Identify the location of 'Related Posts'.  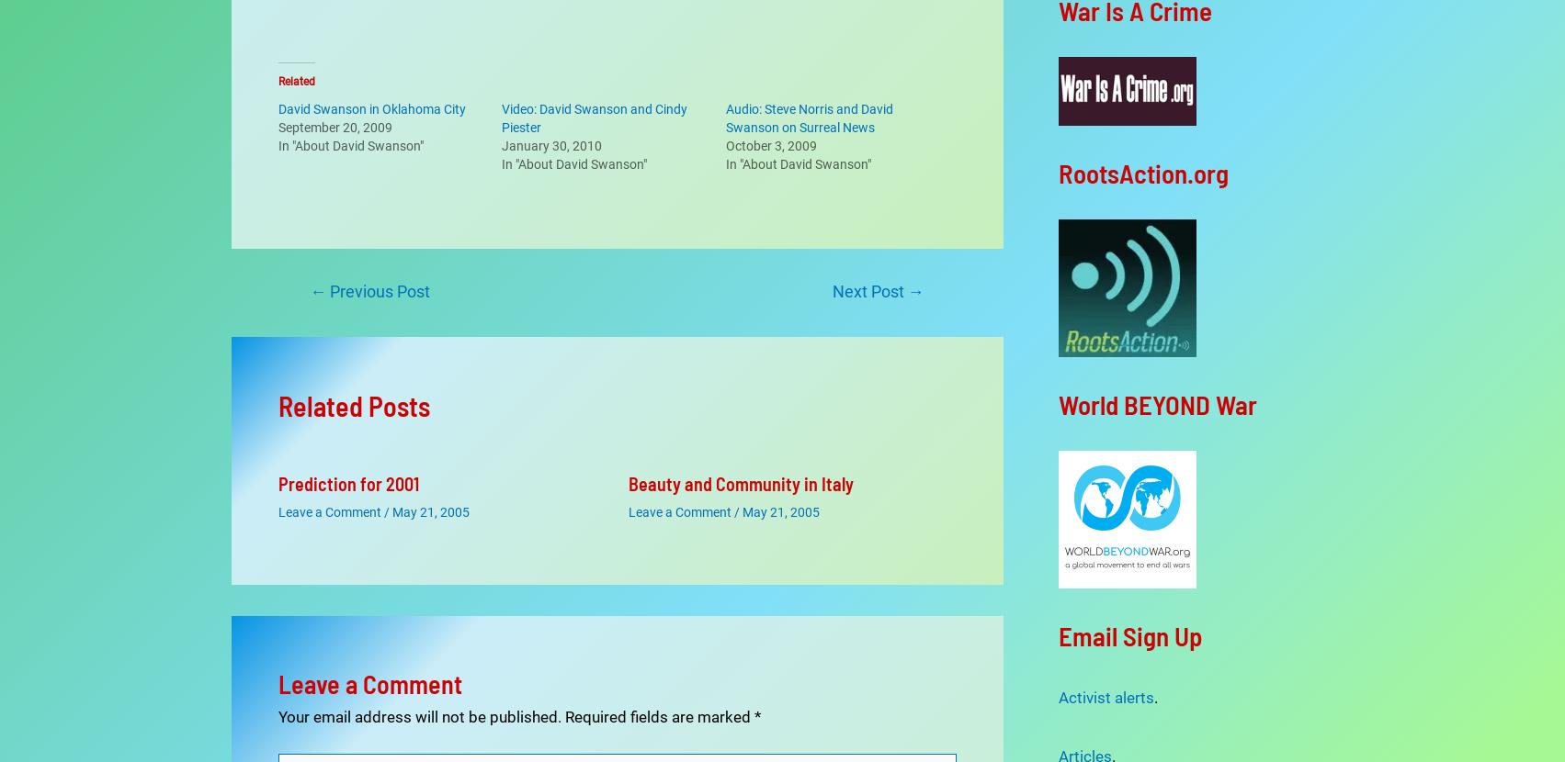
(353, 353).